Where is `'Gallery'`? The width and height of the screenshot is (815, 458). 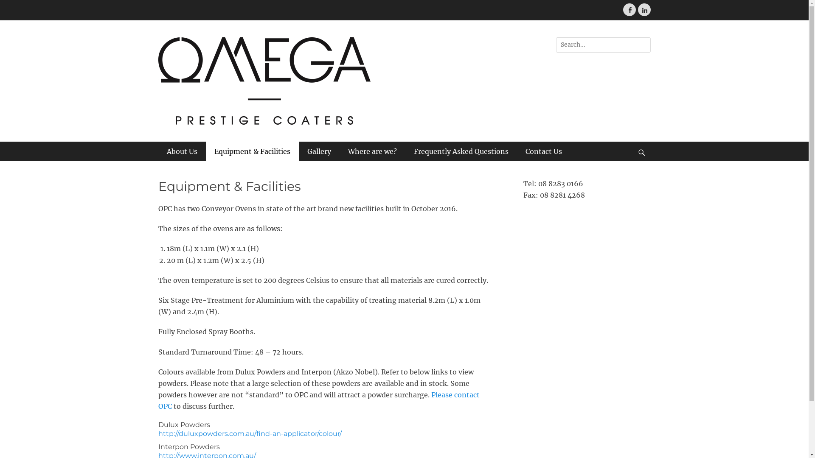
'Gallery' is located at coordinates (319, 151).